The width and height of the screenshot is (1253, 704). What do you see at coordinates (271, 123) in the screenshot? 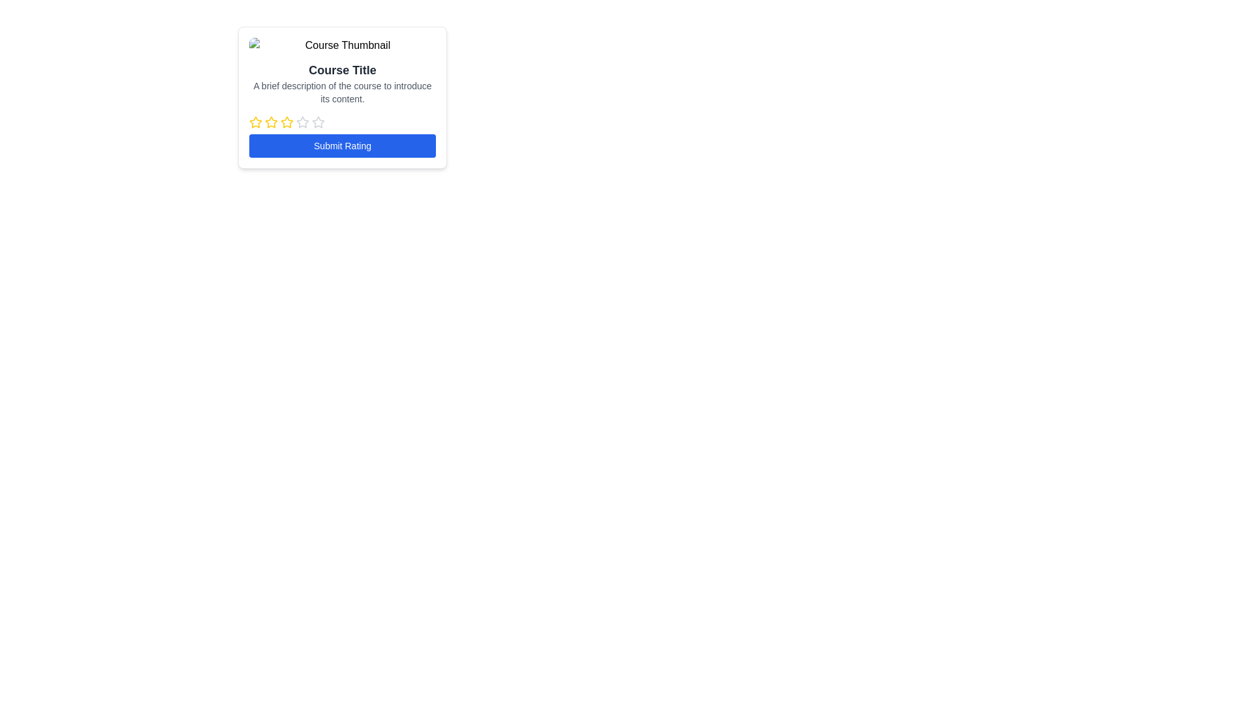
I see `the third yellow rating star icon` at bounding box center [271, 123].